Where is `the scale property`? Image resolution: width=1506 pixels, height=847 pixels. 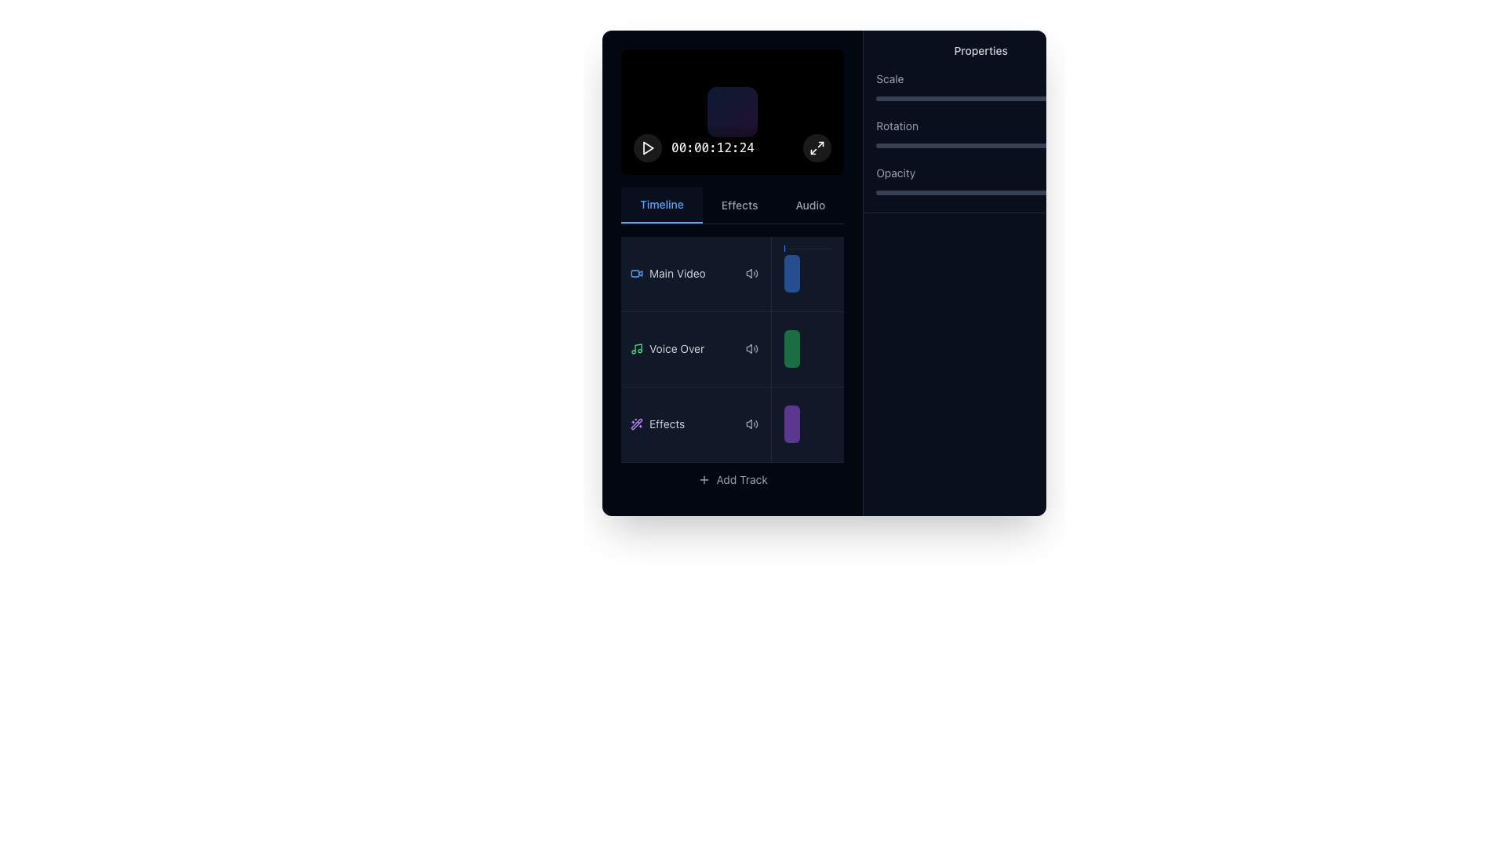
the scale property is located at coordinates (897, 99).